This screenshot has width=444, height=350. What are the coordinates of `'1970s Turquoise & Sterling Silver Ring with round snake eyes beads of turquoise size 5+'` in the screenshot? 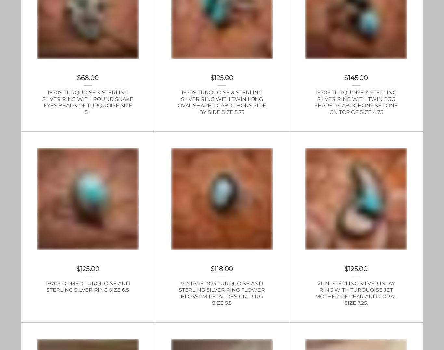 It's located at (88, 102).